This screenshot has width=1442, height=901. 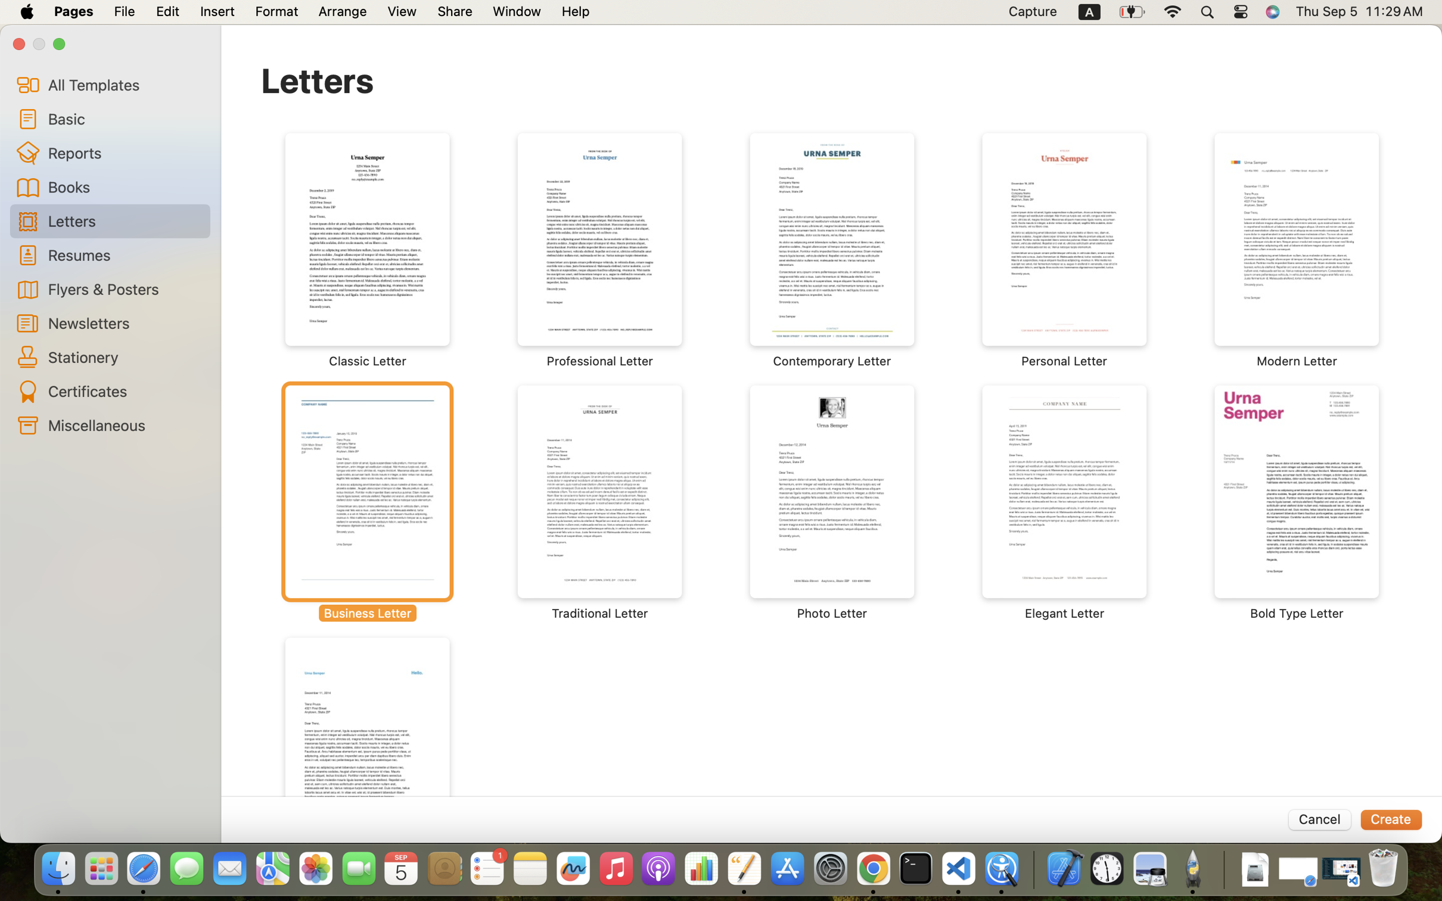 What do you see at coordinates (367, 502) in the screenshot?
I see `'‎⁨Business Letter⁩'` at bounding box center [367, 502].